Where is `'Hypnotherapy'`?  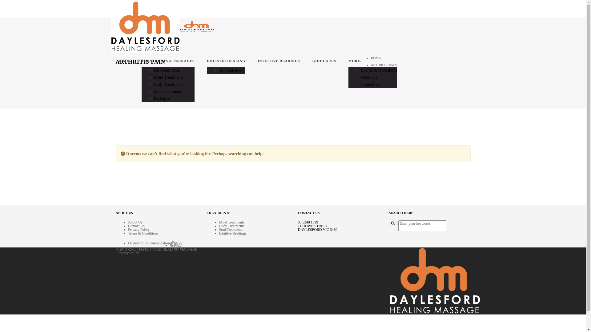
'Hypnotherapy' is located at coordinates (231, 70).